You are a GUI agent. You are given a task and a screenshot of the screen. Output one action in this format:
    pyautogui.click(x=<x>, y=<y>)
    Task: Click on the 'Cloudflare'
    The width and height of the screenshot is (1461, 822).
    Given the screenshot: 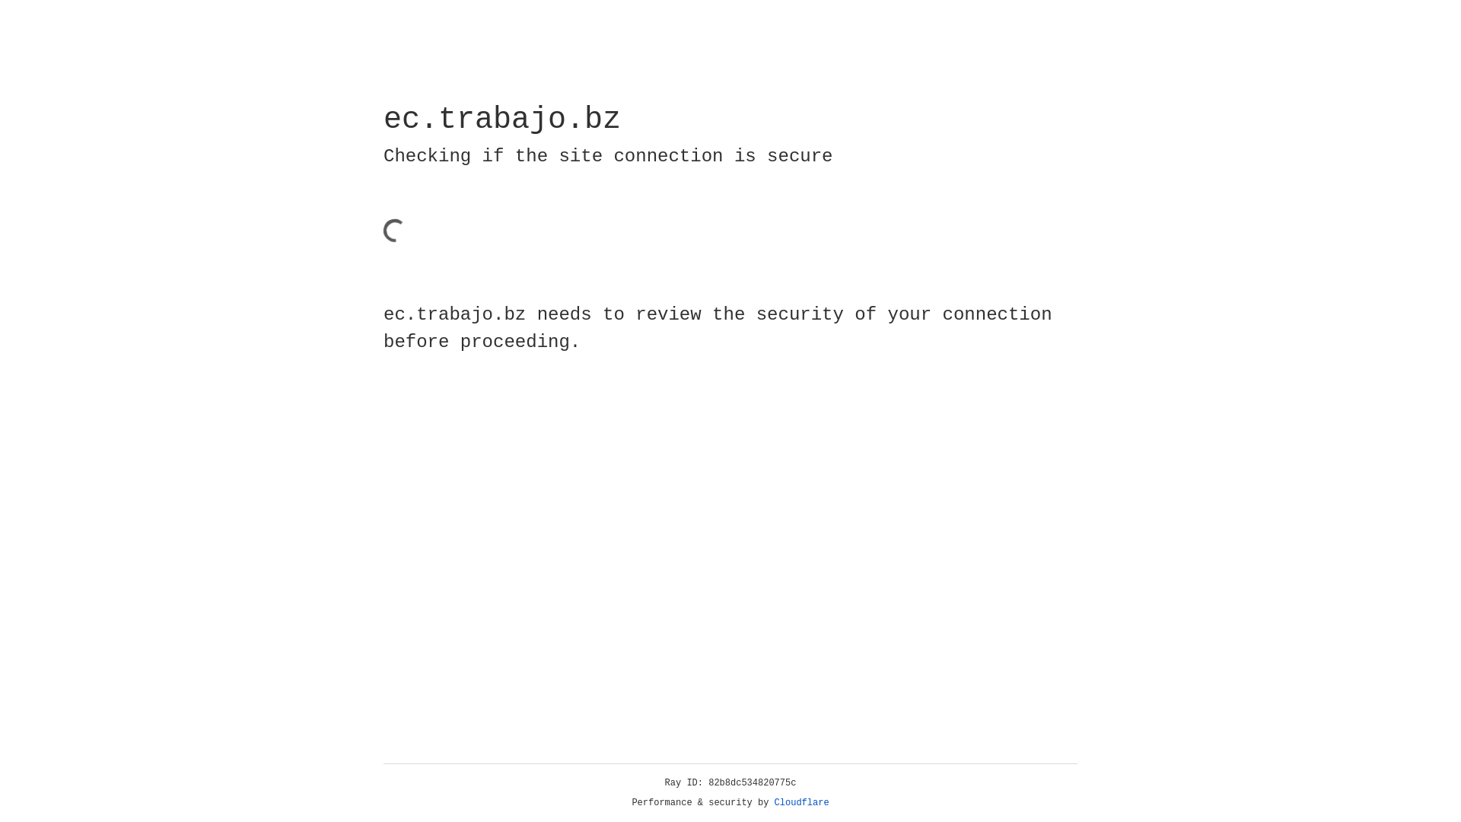 What is the action you would take?
    pyautogui.click(x=801, y=802)
    